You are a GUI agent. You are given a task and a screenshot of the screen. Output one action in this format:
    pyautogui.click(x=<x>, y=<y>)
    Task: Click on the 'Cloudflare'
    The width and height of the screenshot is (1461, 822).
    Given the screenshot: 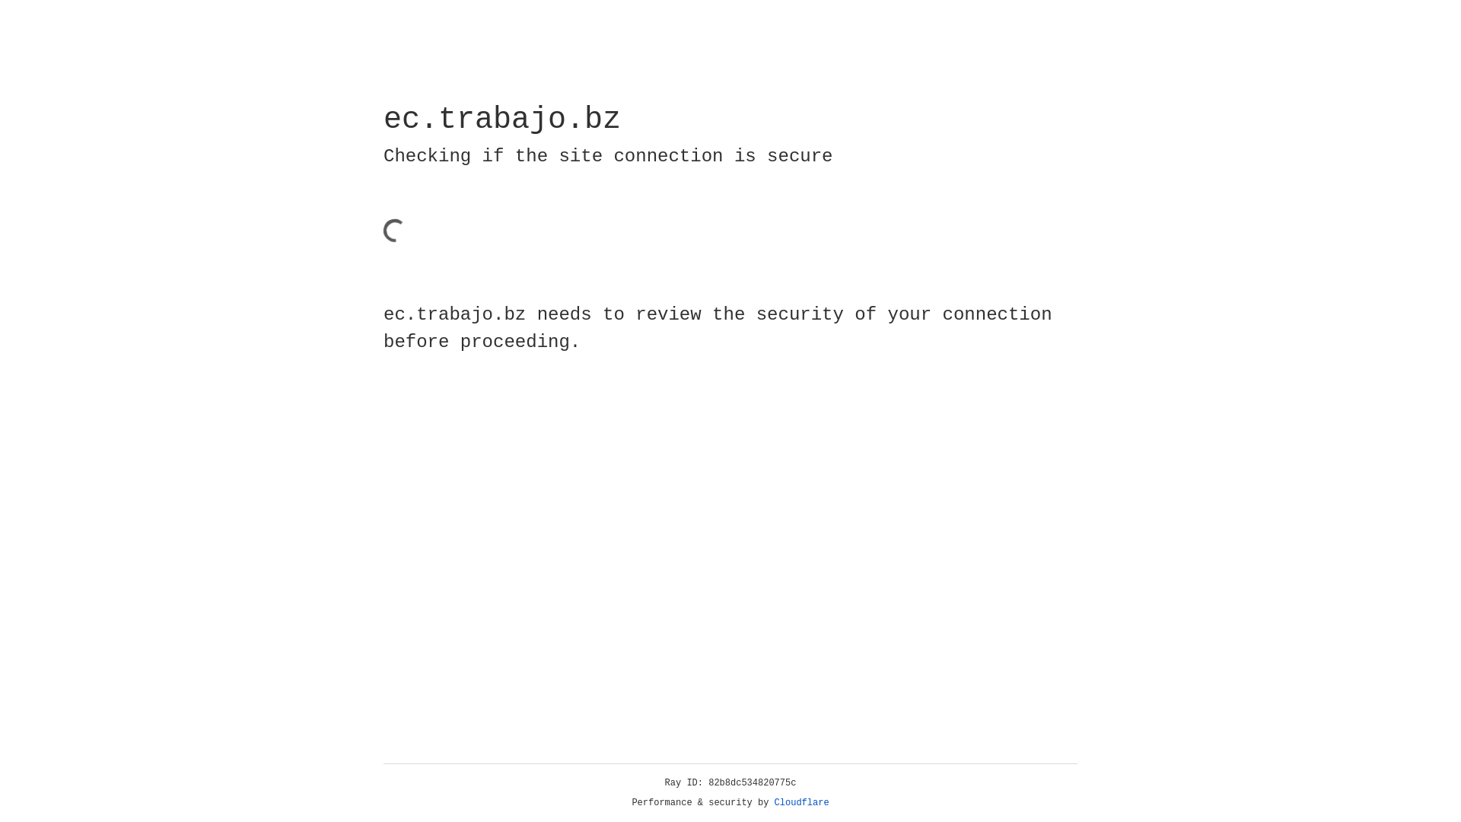 What is the action you would take?
    pyautogui.click(x=801, y=802)
    